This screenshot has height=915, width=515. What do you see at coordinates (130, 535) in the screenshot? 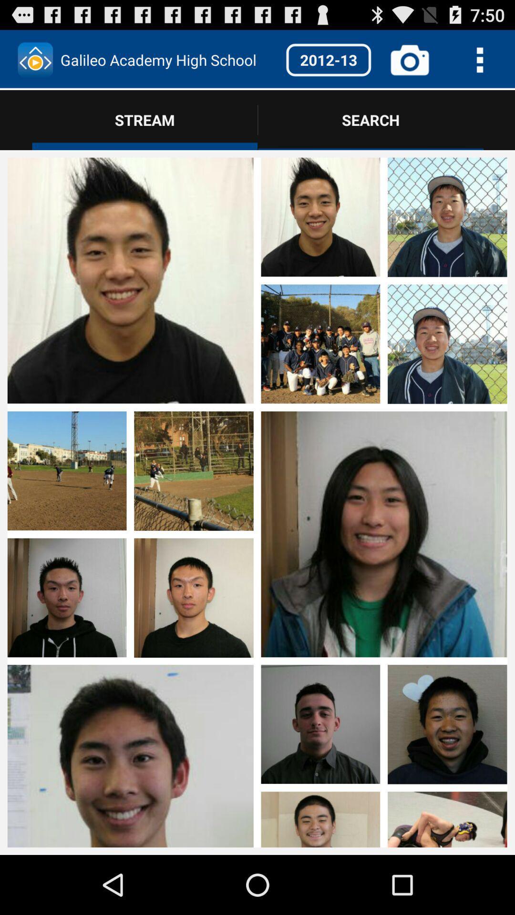
I see `open this set of images` at bounding box center [130, 535].